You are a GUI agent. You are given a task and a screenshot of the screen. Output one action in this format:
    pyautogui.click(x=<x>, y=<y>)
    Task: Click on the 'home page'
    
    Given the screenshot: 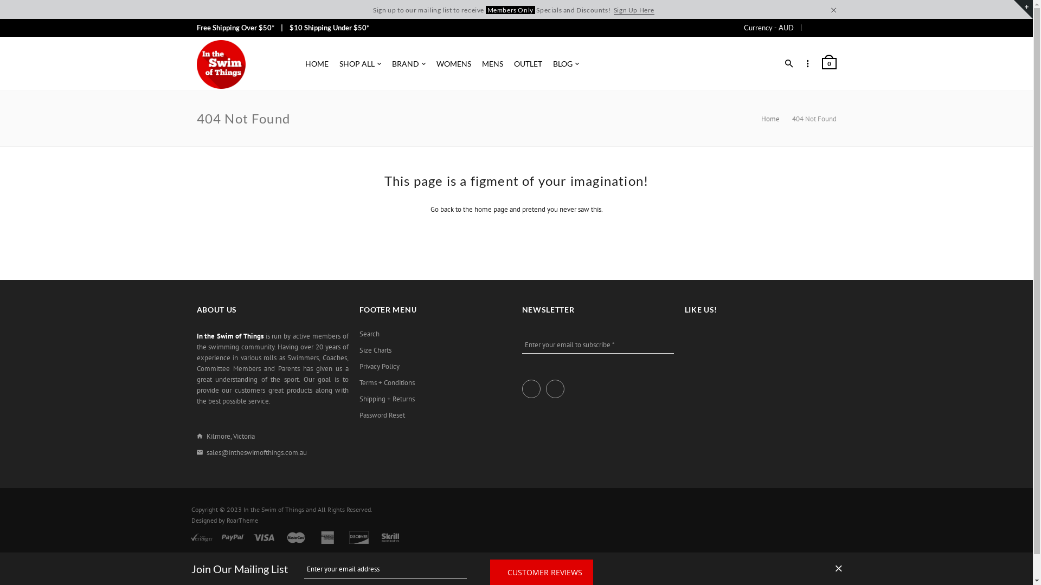 What is the action you would take?
    pyautogui.click(x=473, y=209)
    